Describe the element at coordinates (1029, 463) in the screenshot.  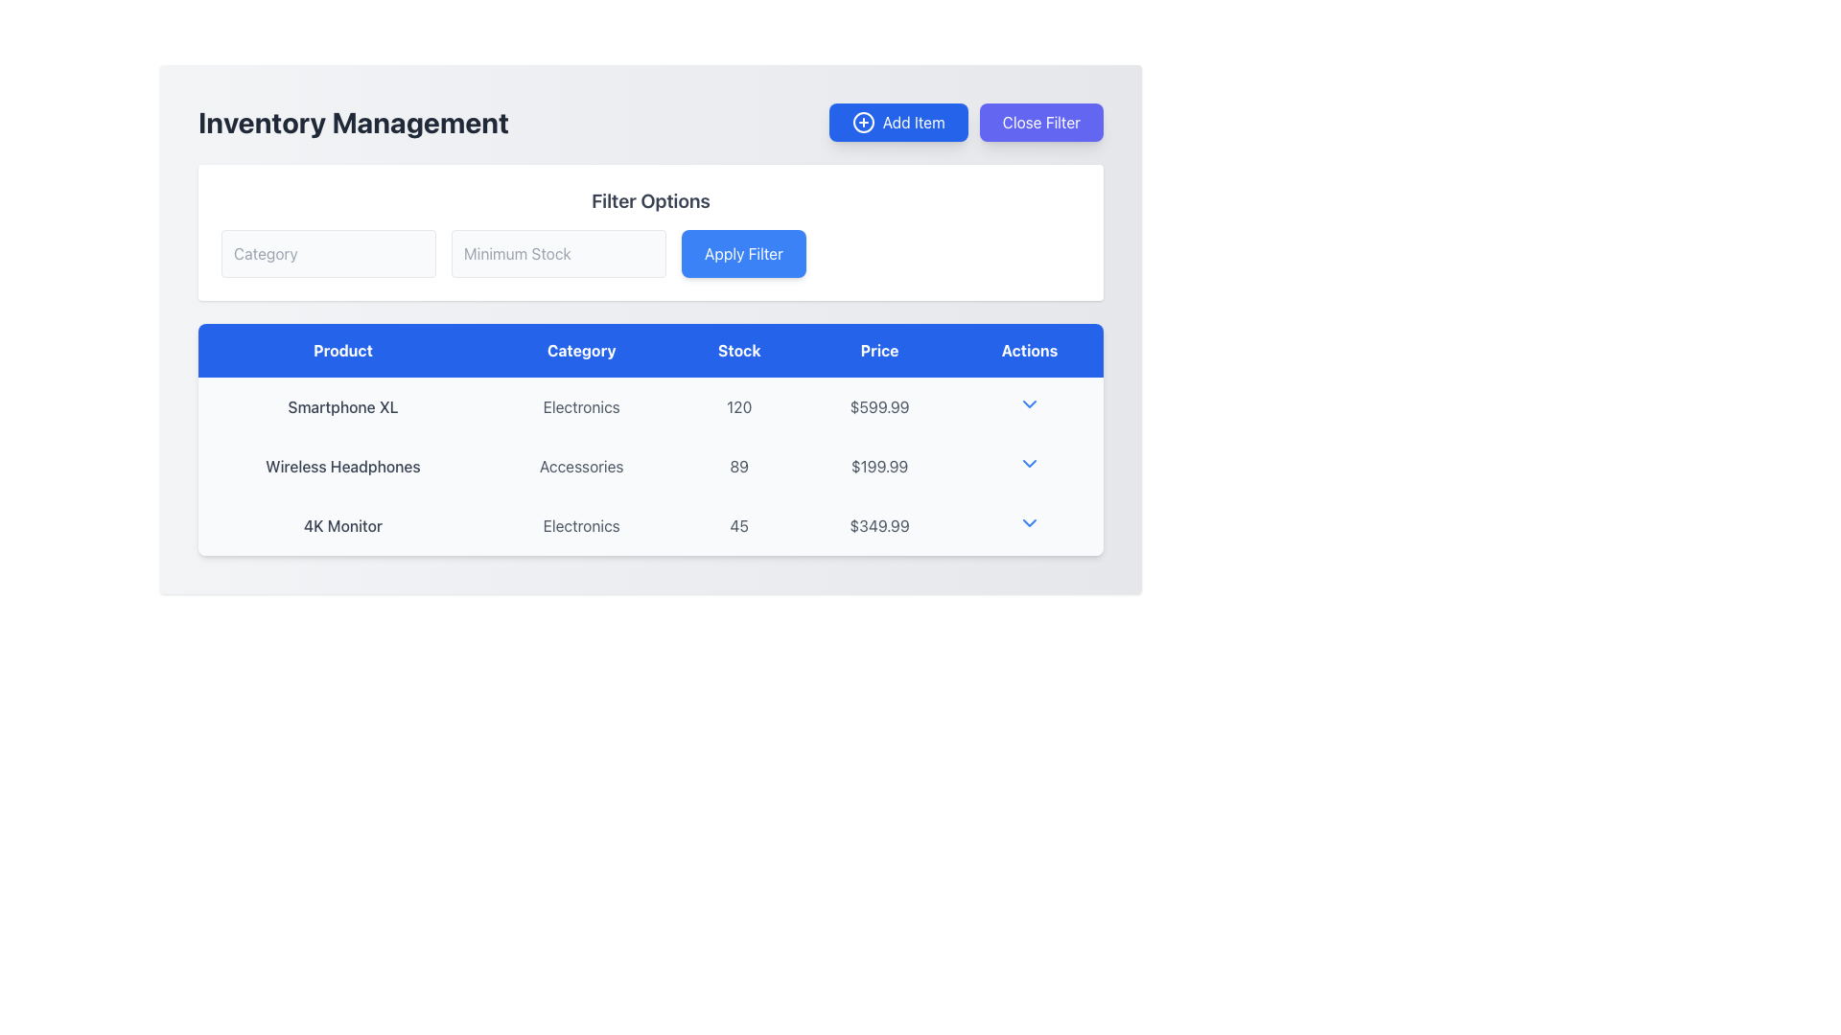
I see `the dropdown trigger button in the 'Actions' column of the second row for the 'Wireless Headphones' product entry` at that location.